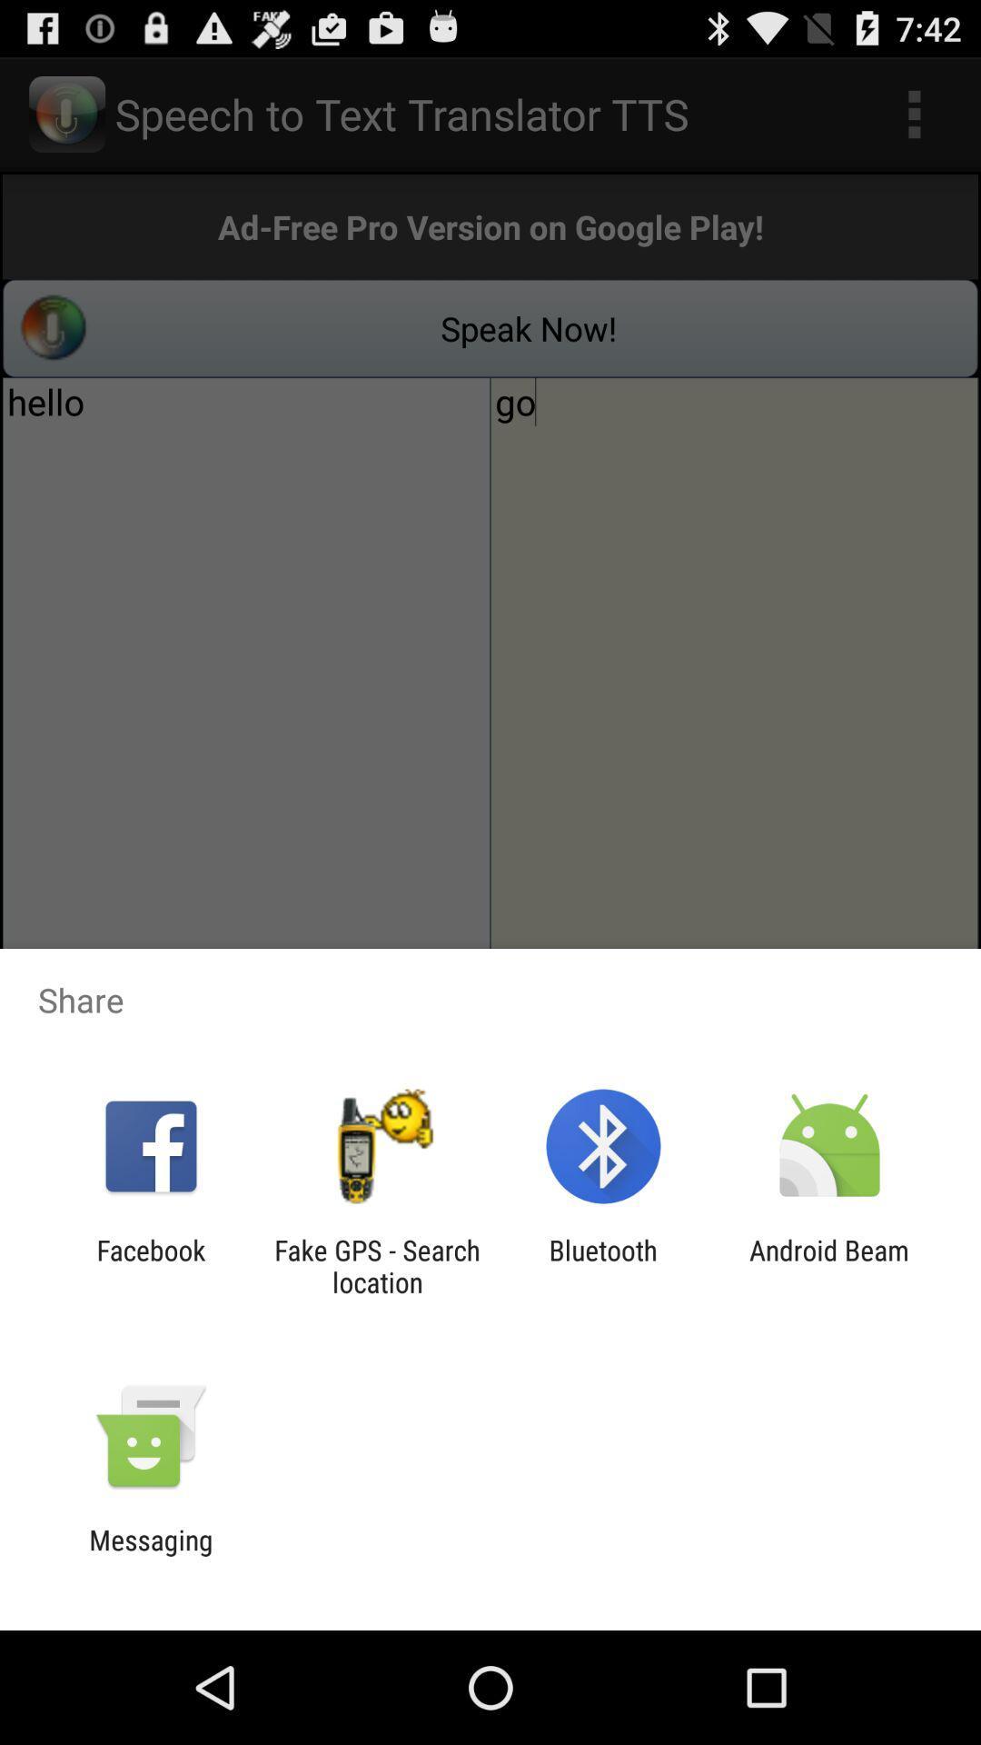 The image size is (981, 1745). Describe the element at coordinates (603, 1265) in the screenshot. I see `icon next to fake gps search item` at that location.